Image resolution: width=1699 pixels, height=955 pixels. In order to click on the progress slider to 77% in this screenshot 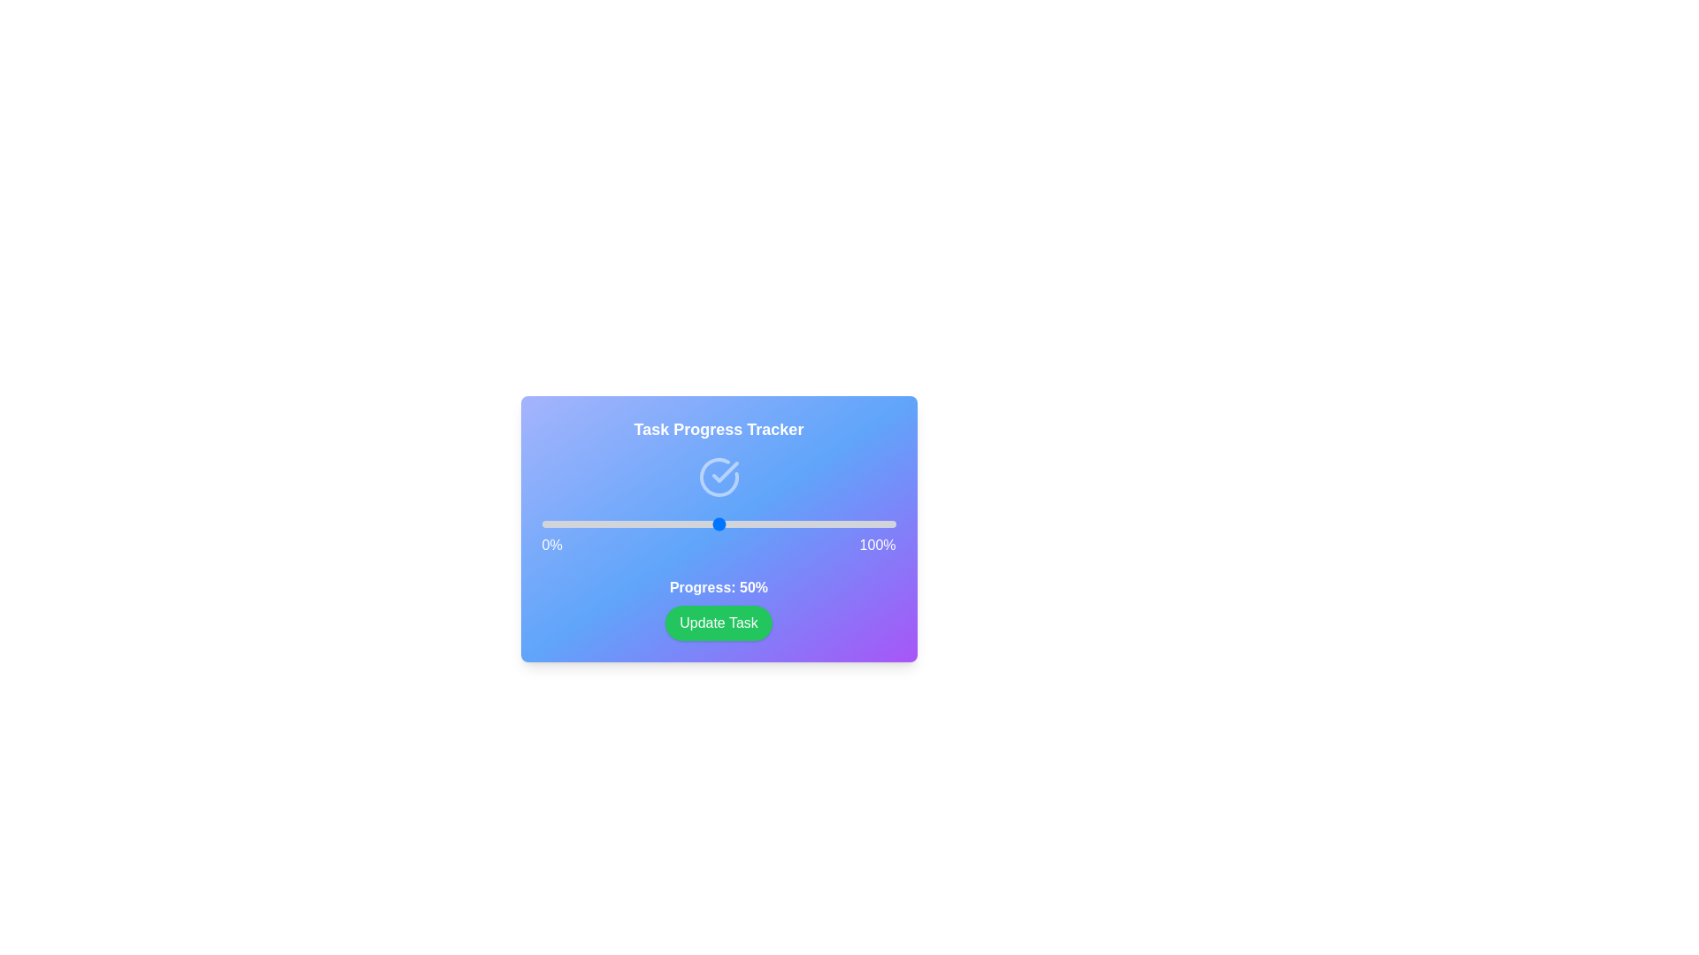, I will do `click(813, 523)`.